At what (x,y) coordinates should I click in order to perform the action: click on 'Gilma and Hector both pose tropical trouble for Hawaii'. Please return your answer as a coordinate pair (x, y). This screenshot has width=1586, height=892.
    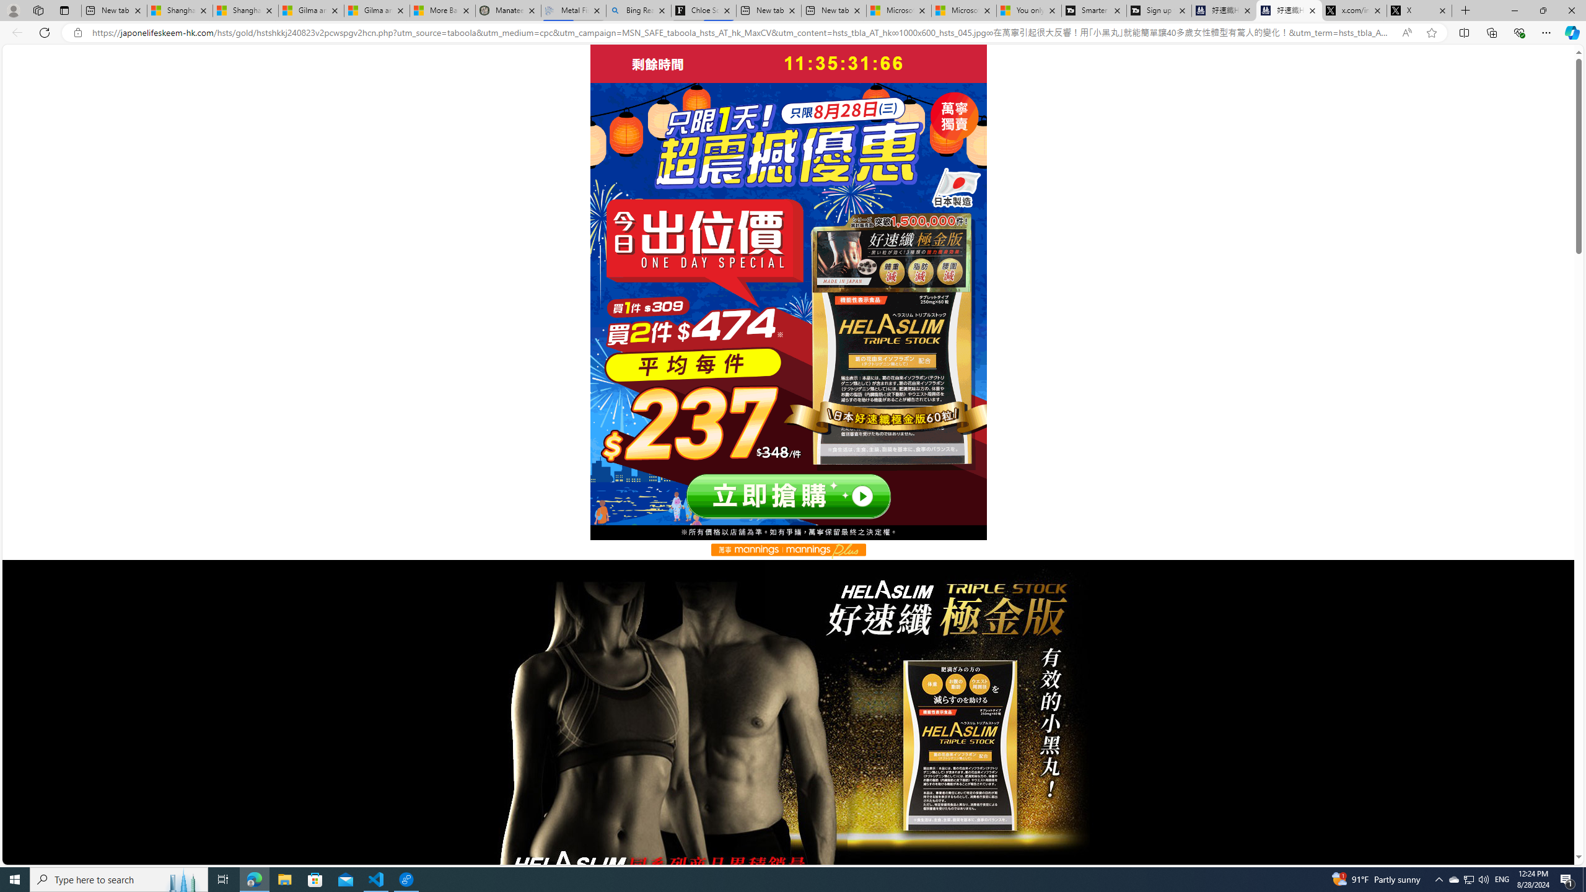
    Looking at the image, I should click on (377, 10).